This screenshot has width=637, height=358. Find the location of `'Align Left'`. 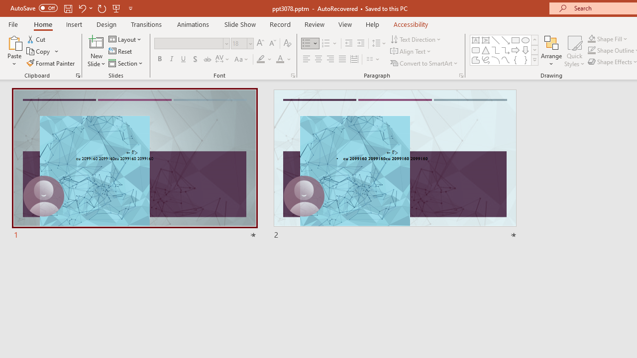

'Align Left' is located at coordinates (306, 59).